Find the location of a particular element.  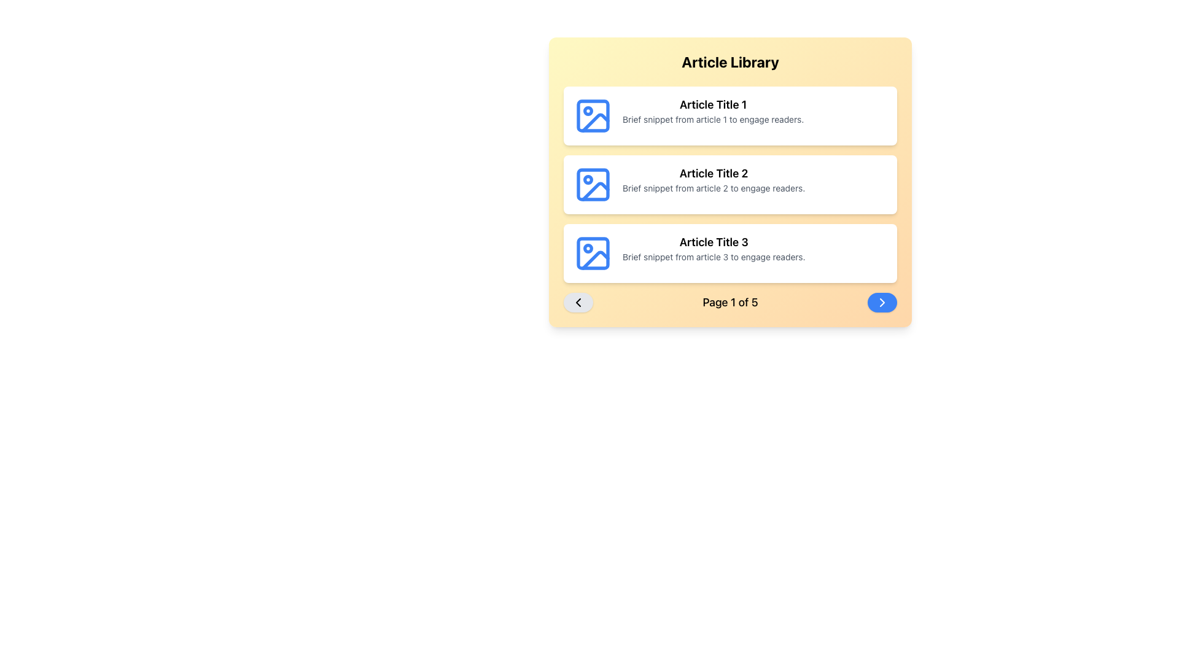

the heading element labeled 'Article Title 3', which is styled in a bold font and located in the third section of a vertical list of articles is located at coordinates (714, 242).